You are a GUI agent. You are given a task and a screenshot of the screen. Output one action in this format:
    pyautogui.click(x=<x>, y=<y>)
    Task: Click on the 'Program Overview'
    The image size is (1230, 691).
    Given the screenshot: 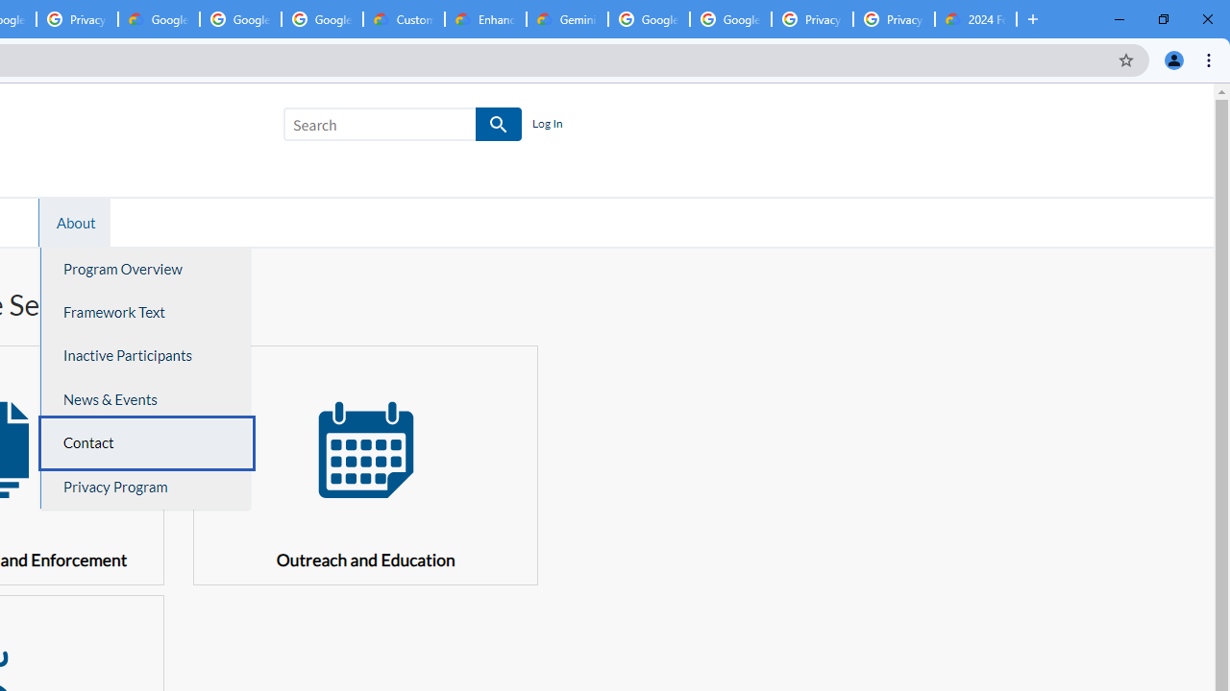 What is the action you would take?
    pyautogui.click(x=145, y=269)
    